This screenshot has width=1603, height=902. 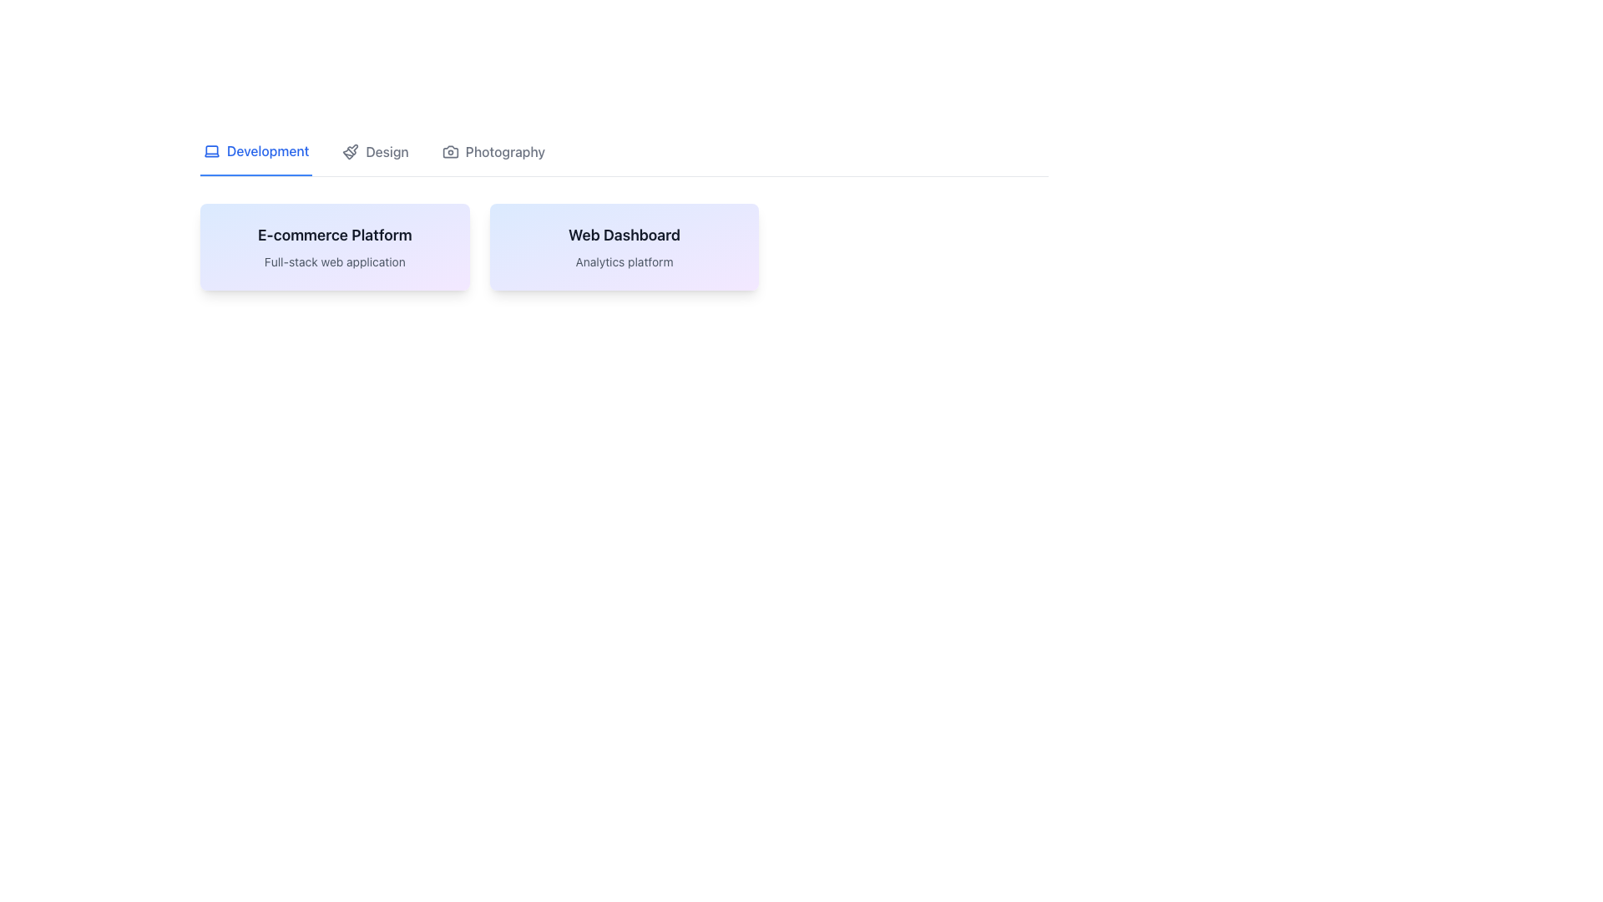 What do you see at coordinates (493, 158) in the screenshot?
I see `the 'Photography' navigation tab, which is the third tab in the horizontal navigation menu` at bounding box center [493, 158].